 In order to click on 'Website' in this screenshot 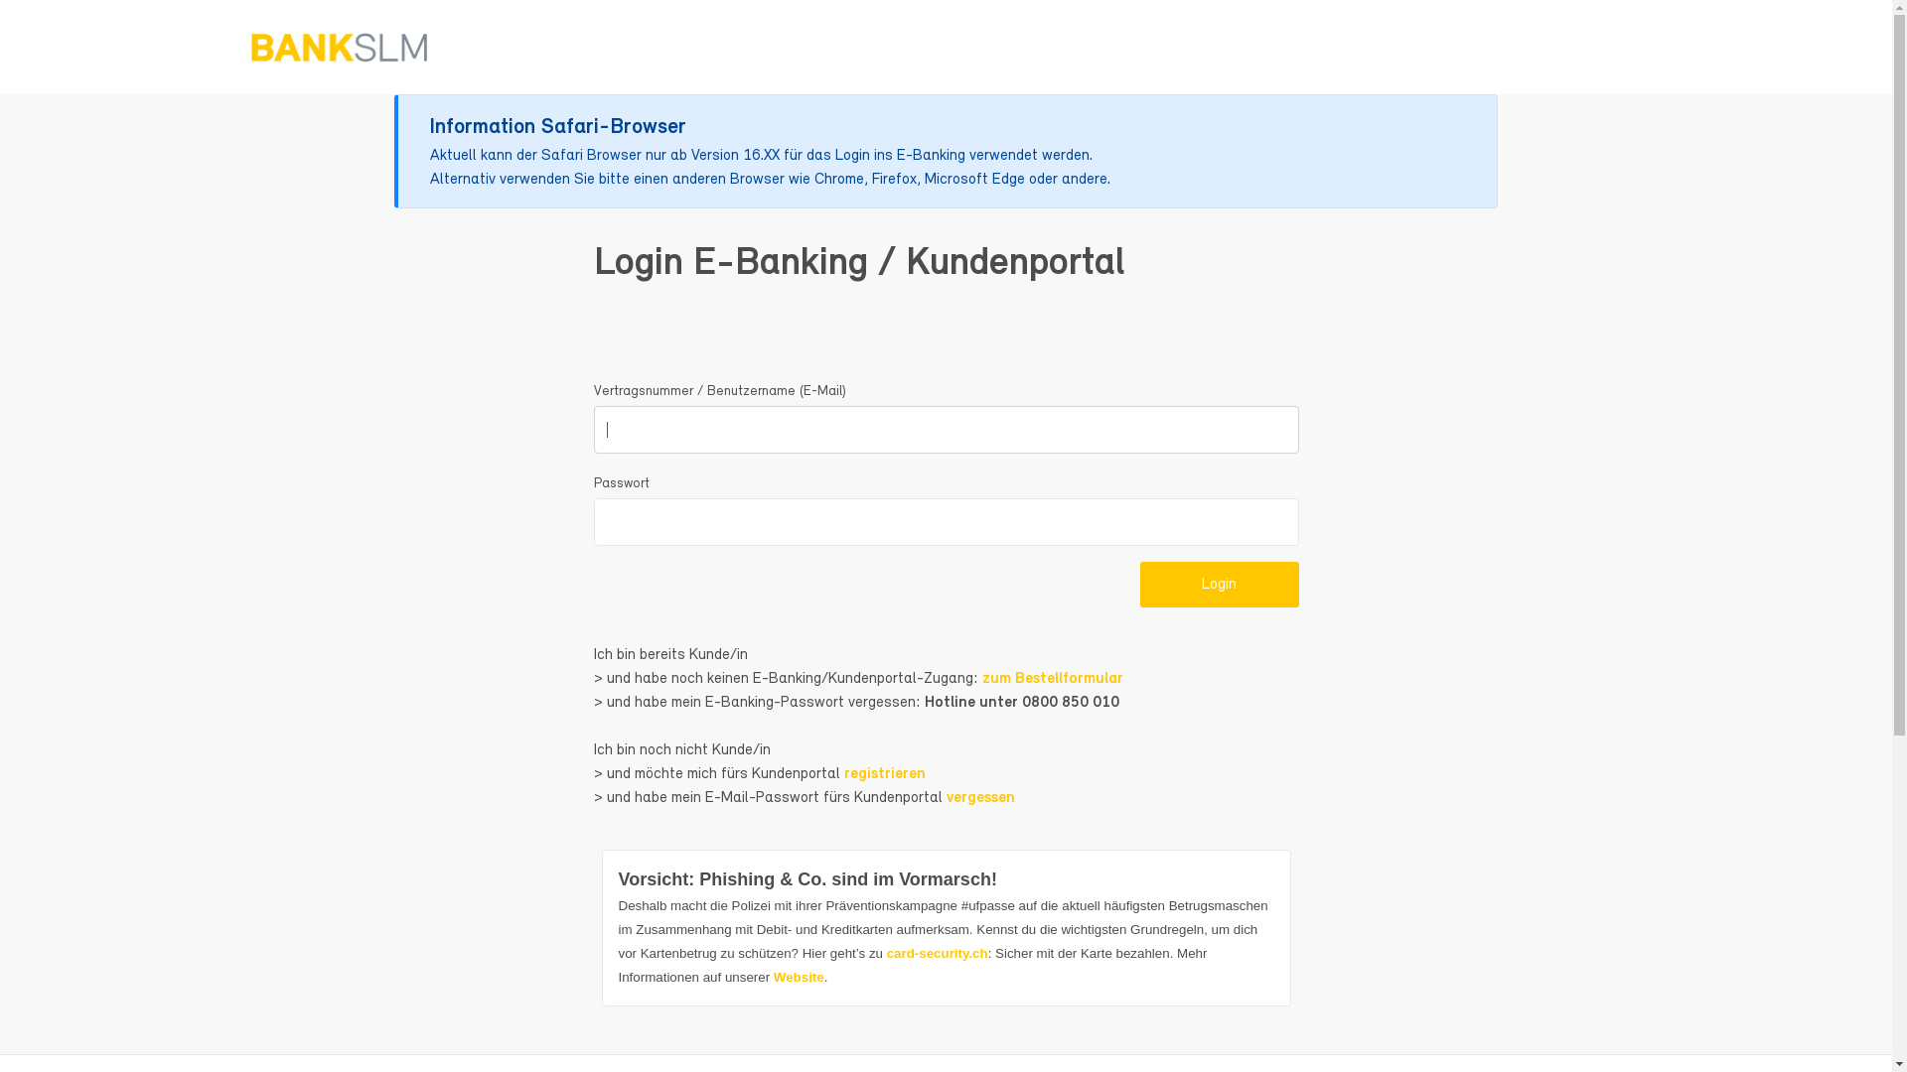, I will do `click(799, 976)`.